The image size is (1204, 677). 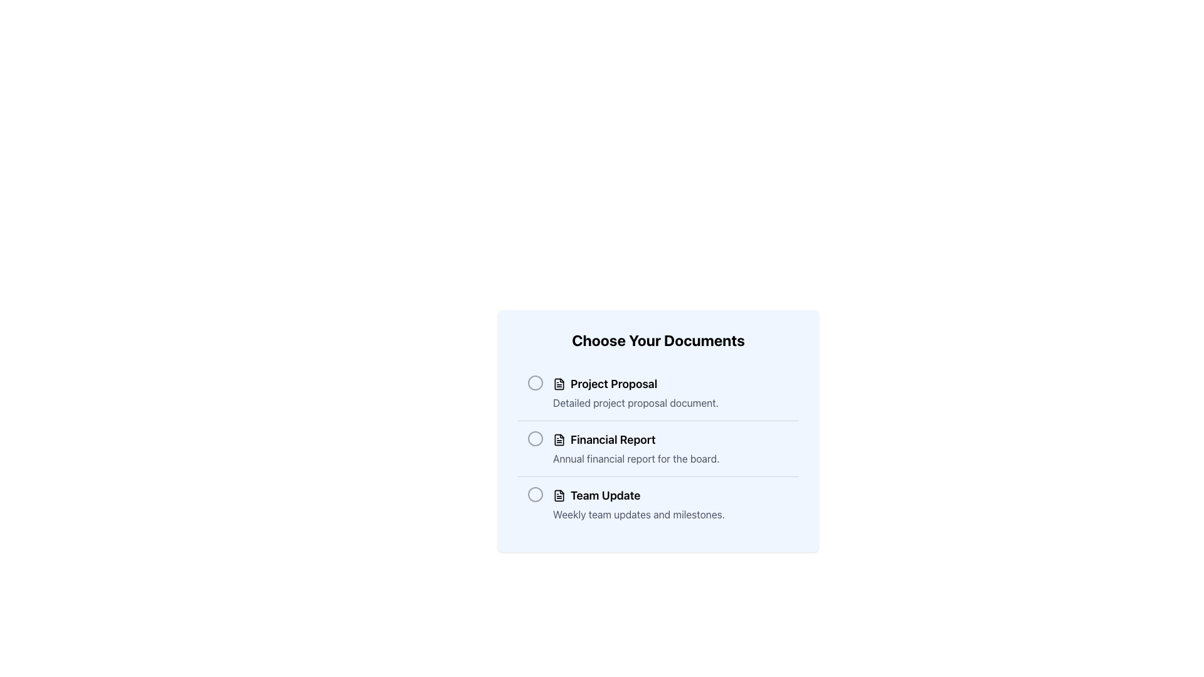 I want to click on the 'Team Update' text block, which contains a bold title and a smaller description, located in the 'Choose Your Documents' section, so click(x=639, y=504).